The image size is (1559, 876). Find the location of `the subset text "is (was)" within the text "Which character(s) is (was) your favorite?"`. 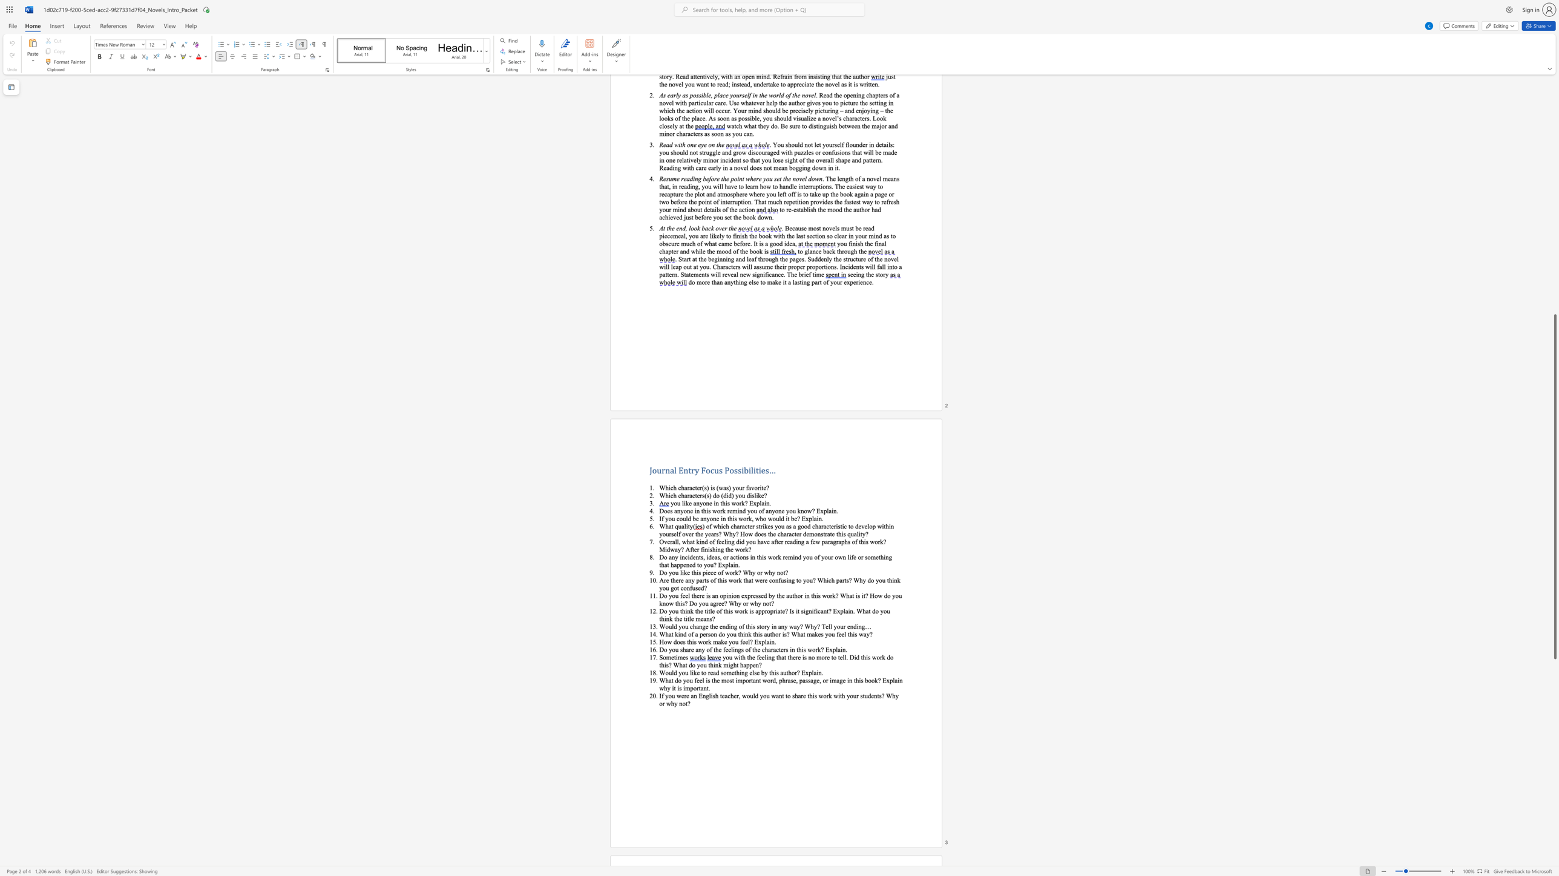

the subset text "is (was)" within the text "Which character(s) is (was) your favorite?" is located at coordinates (710, 487).